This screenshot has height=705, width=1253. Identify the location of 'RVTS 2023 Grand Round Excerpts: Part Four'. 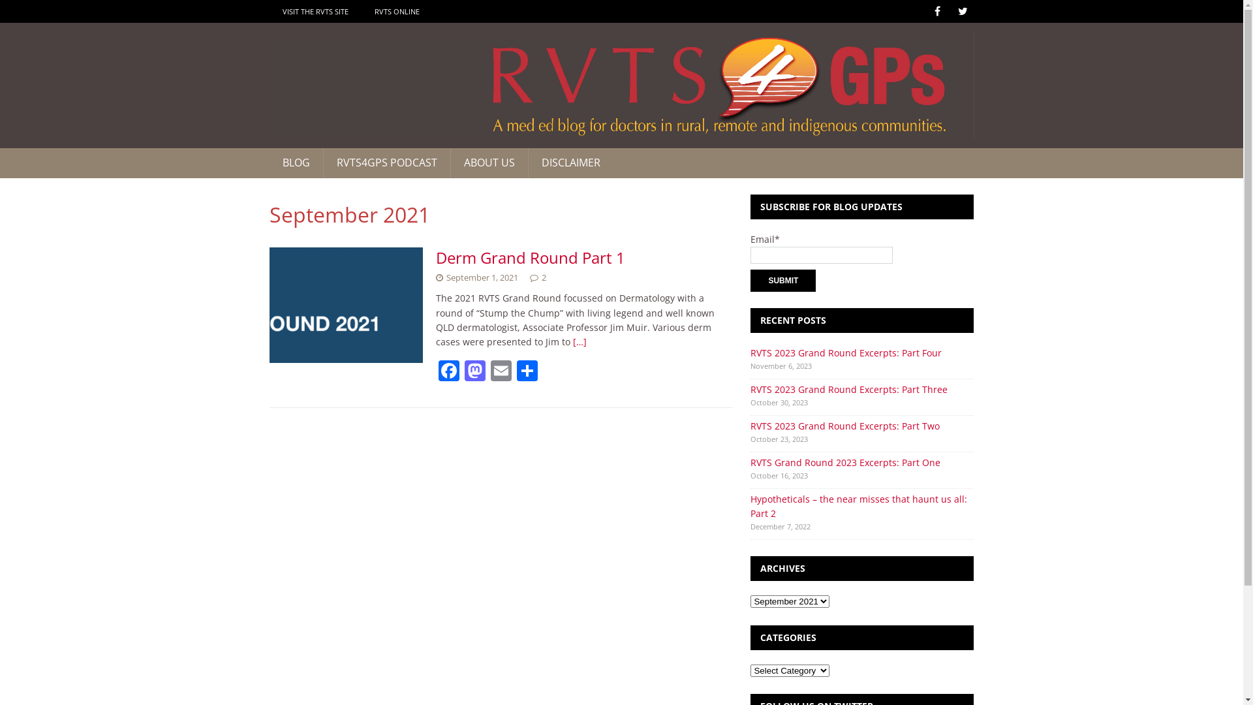
(750, 352).